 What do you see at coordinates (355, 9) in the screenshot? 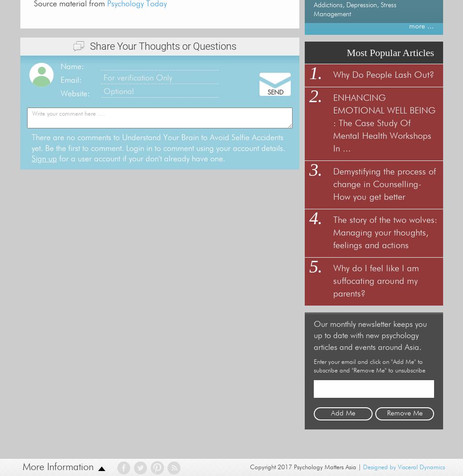
I see `'Addictions, Depression, Stress Management'` at bounding box center [355, 9].